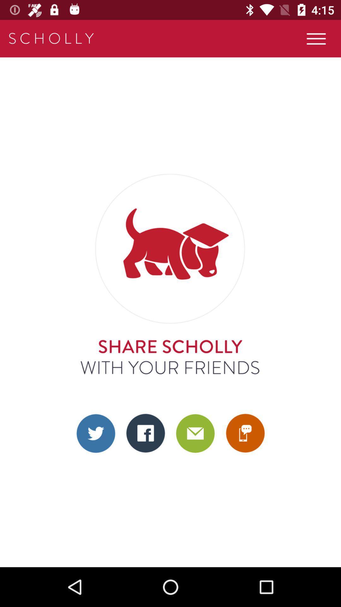  Describe the element at coordinates (316, 38) in the screenshot. I see `the menu icon` at that location.